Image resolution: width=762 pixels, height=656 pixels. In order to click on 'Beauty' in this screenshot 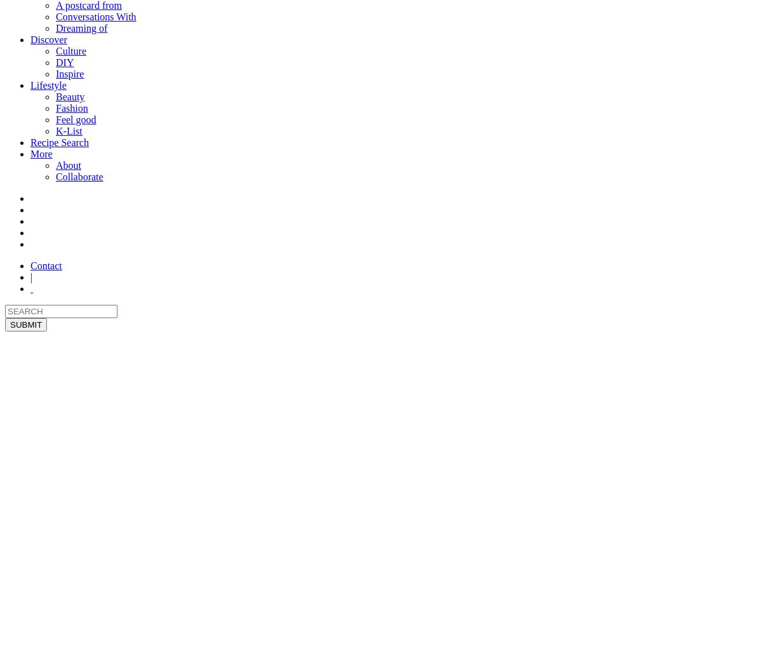, I will do `click(70, 97)`.